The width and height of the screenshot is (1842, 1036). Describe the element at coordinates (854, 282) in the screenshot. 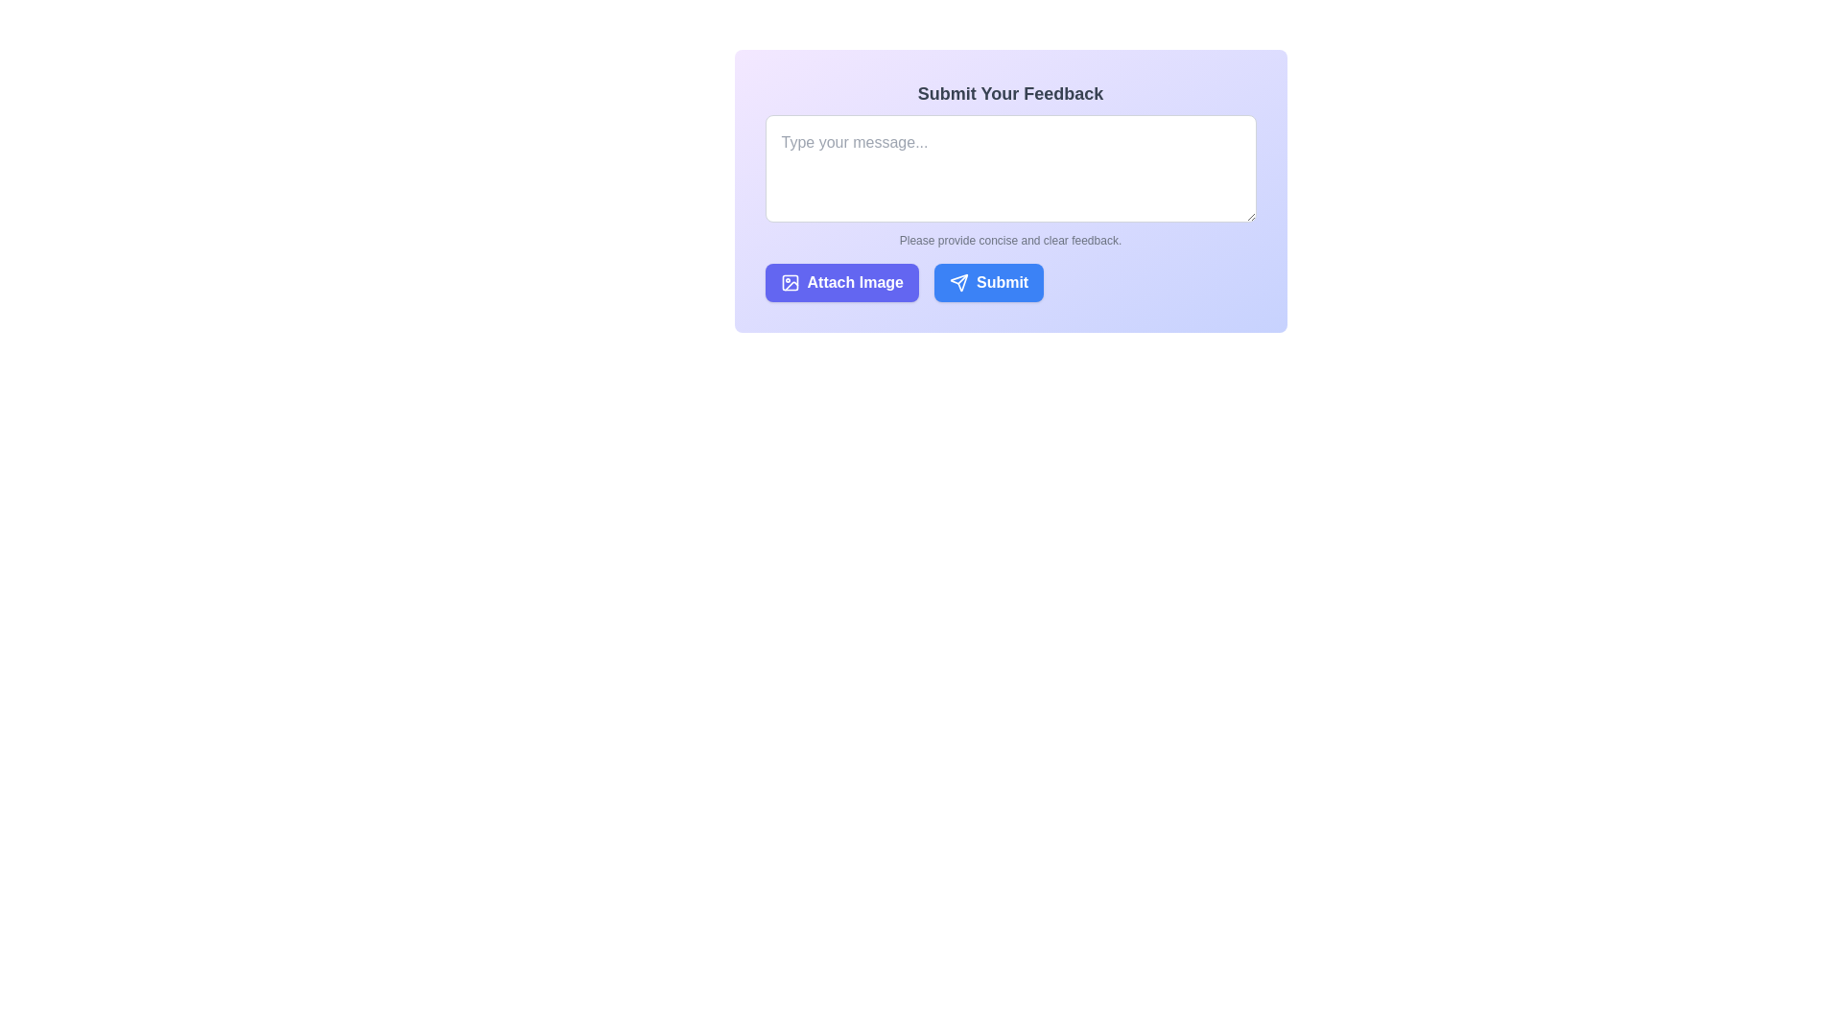

I see `the text label indicating 'Attach Image', which is part of a button group that suggests the action of attaching an image to feedback` at that location.